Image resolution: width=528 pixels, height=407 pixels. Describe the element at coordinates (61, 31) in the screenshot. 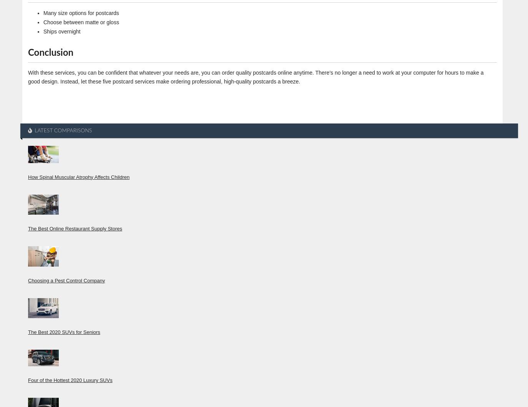

I see `'Ships overnight'` at that location.